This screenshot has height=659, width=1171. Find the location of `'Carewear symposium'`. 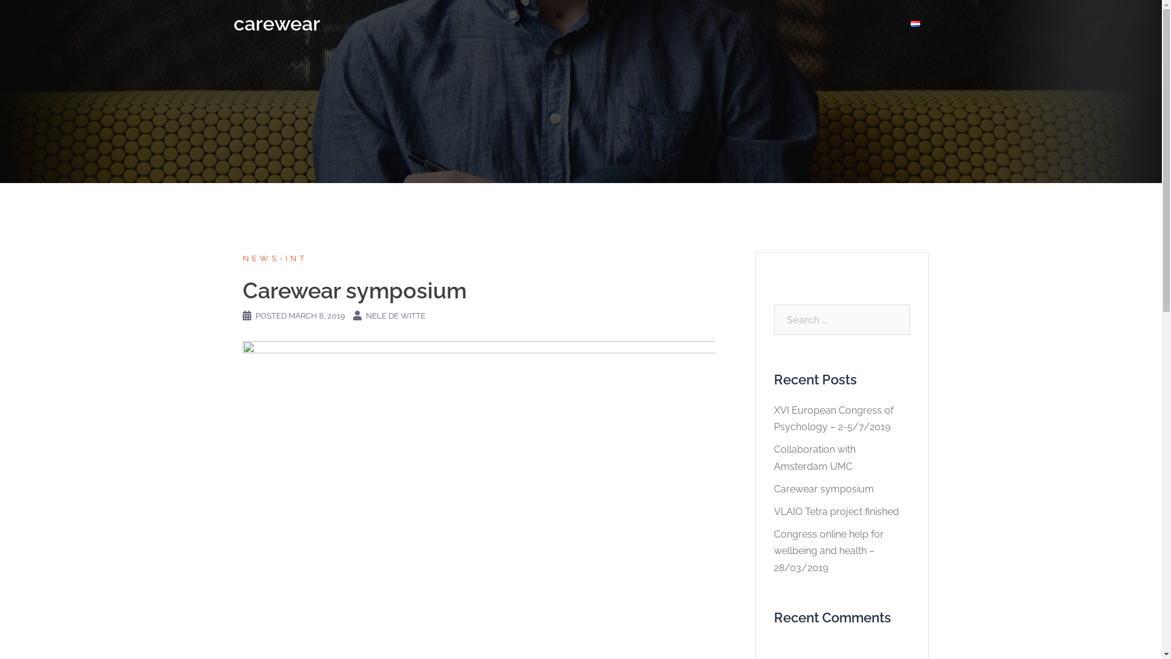

'Carewear symposium' is located at coordinates (772, 488).